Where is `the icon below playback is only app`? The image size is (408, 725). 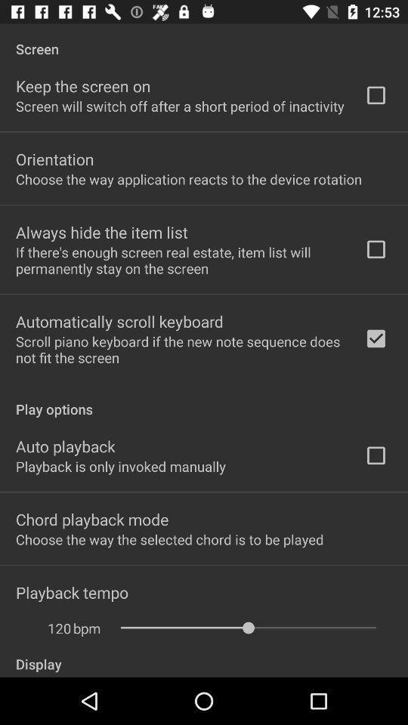 the icon below playback is only app is located at coordinates (92, 519).